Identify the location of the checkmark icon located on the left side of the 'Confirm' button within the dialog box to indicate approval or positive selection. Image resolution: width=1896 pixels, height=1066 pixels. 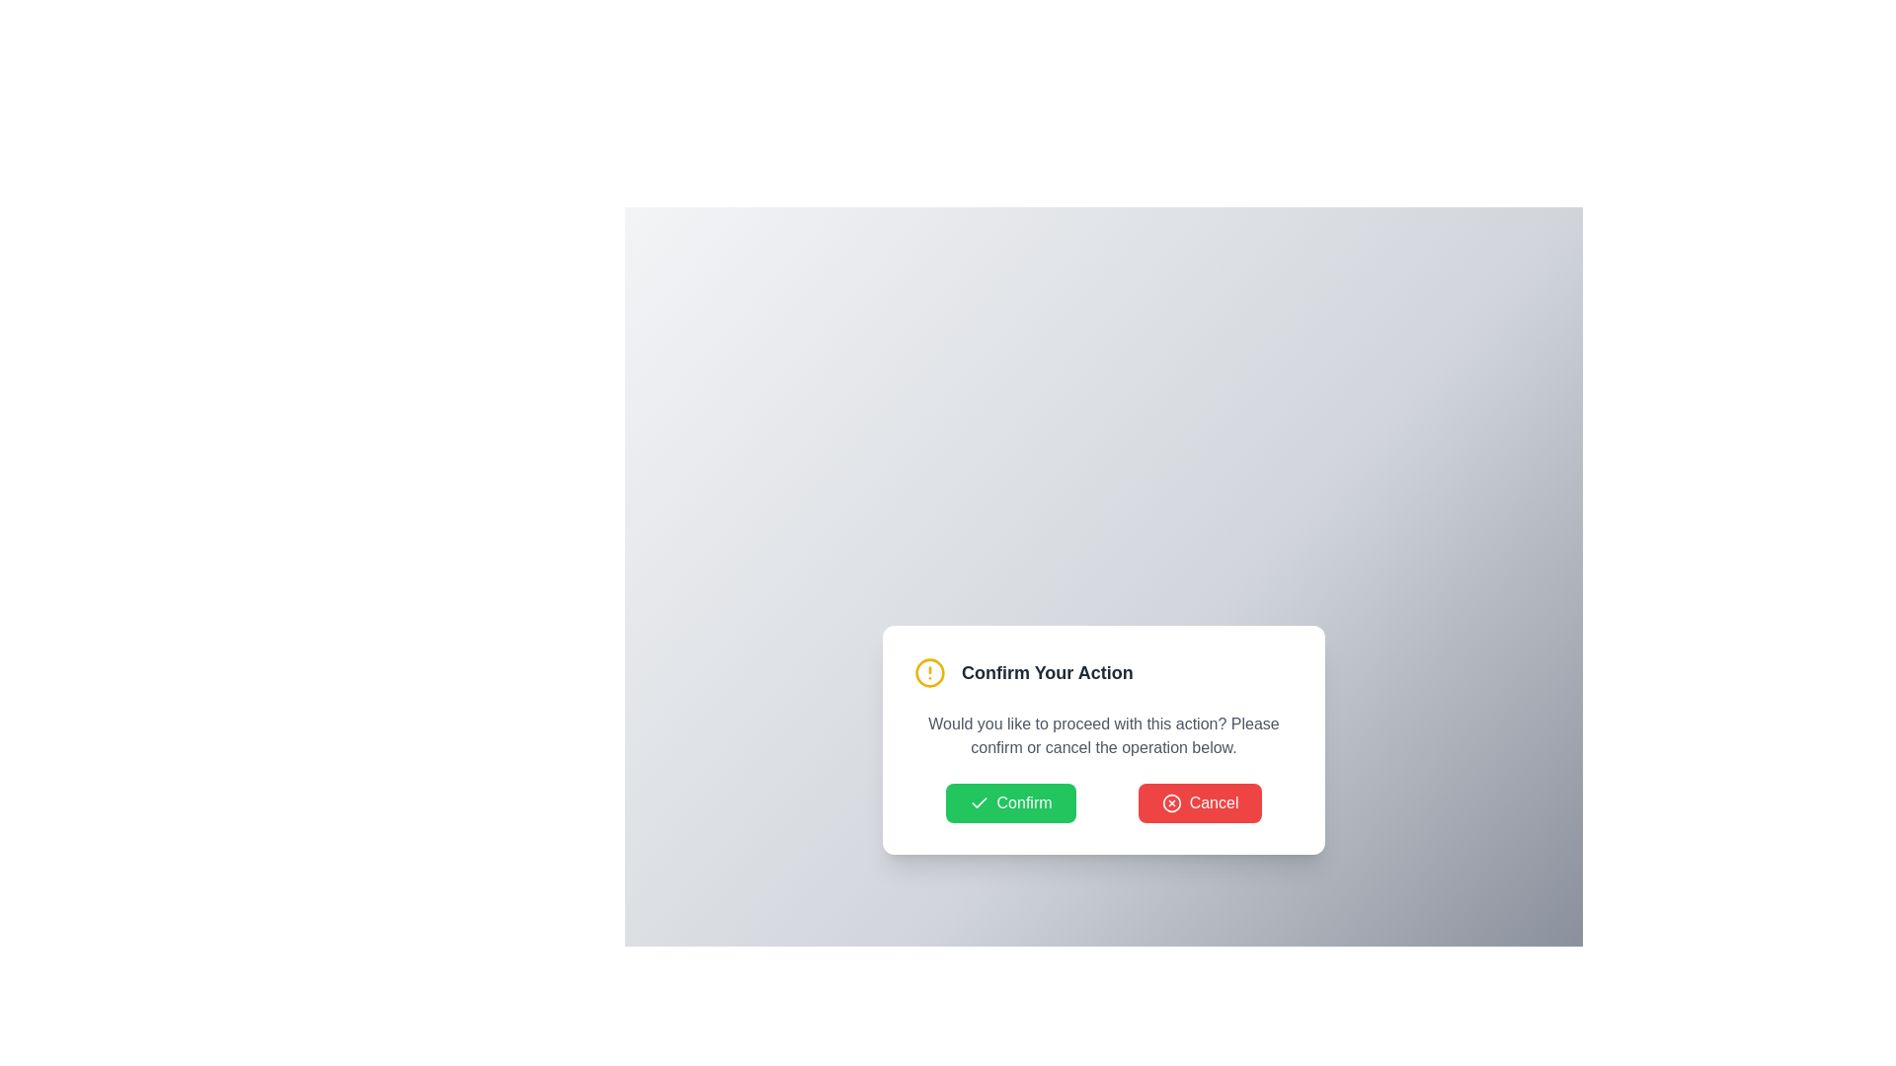
(979, 802).